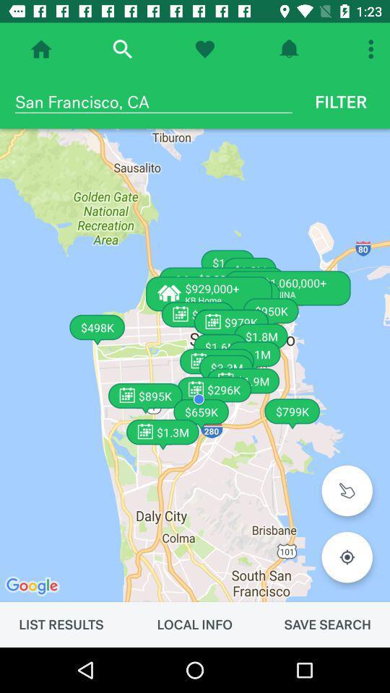  Describe the element at coordinates (341, 101) in the screenshot. I see `filter` at that location.